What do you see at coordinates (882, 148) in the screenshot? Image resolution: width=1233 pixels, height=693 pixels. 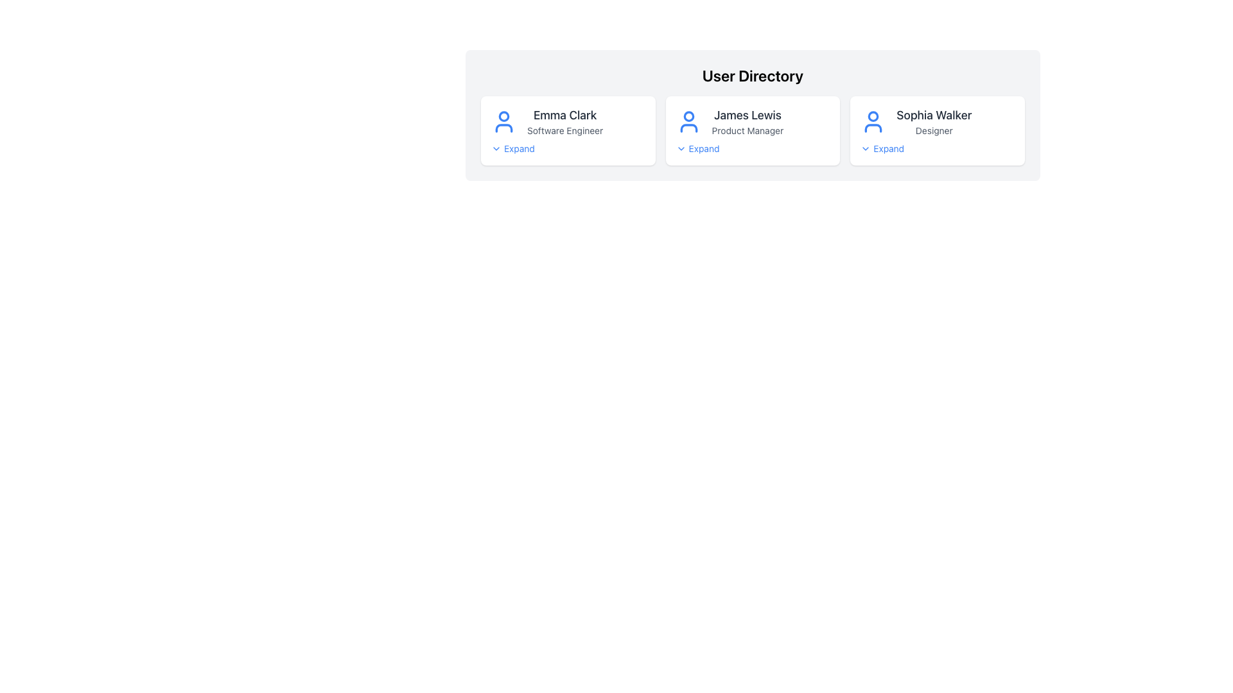 I see `the toggle switch button located at the bottom left corner of the user information card for 'Sophia Walker'` at bounding box center [882, 148].